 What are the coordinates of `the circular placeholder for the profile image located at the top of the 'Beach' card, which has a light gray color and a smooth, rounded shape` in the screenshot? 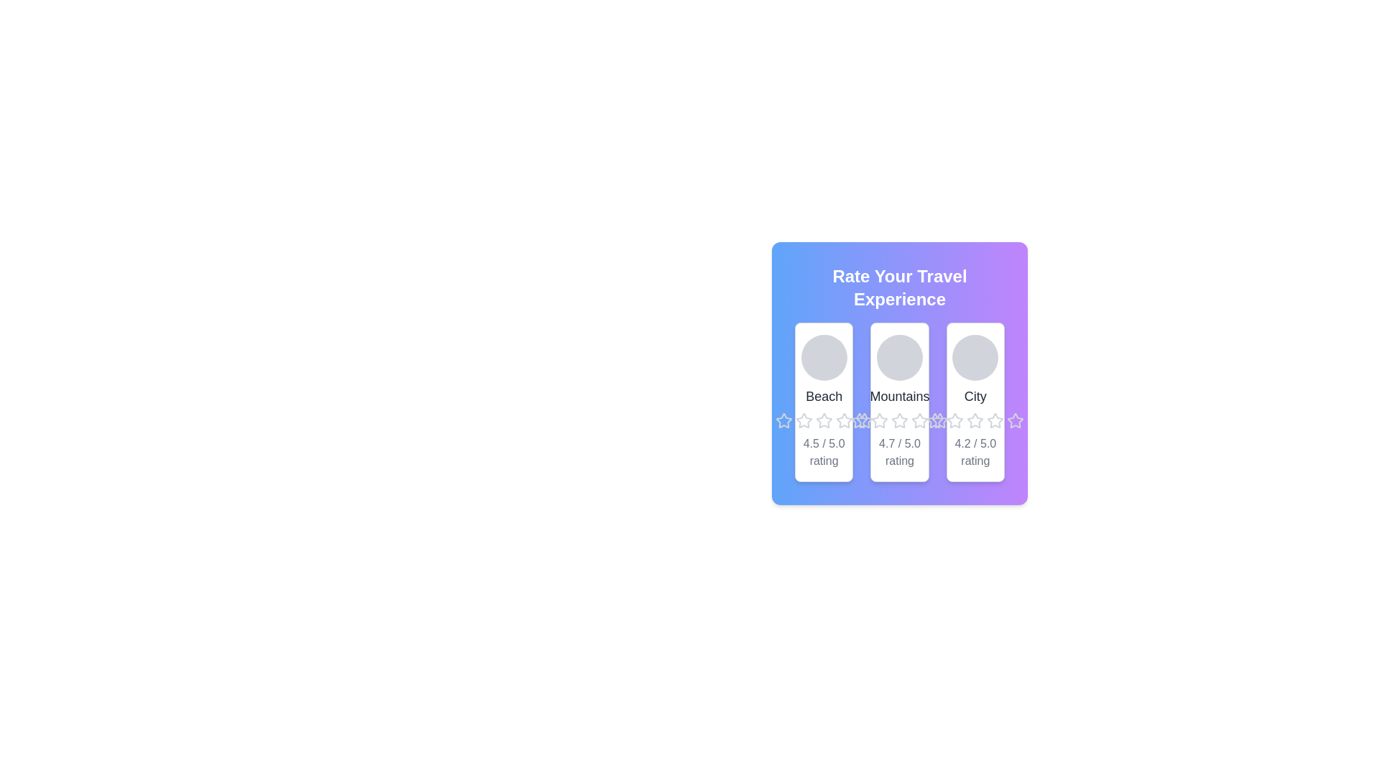 It's located at (824, 356).